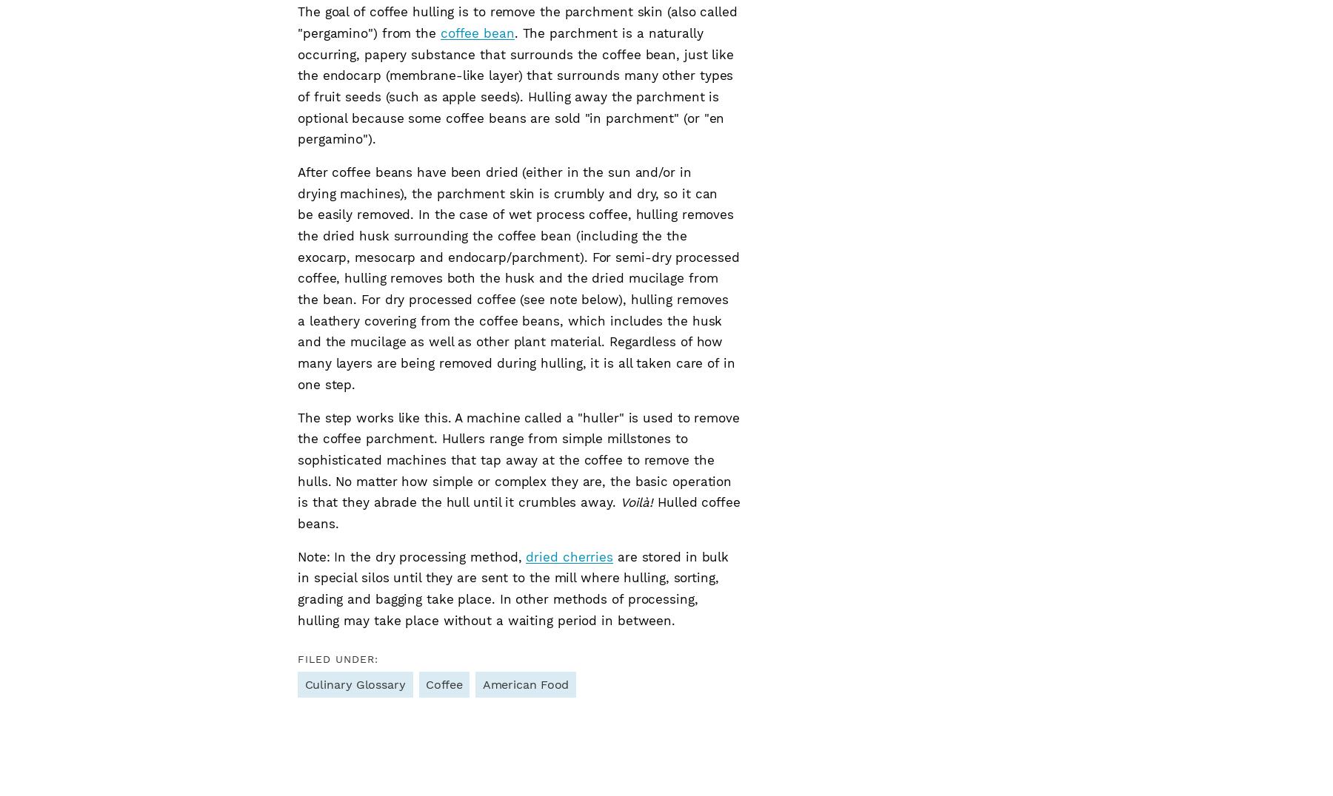 This screenshot has height=796, width=1333. Describe the element at coordinates (297, 513) in the screenshot. I see `'Hulled coffee beans.'` at that location.